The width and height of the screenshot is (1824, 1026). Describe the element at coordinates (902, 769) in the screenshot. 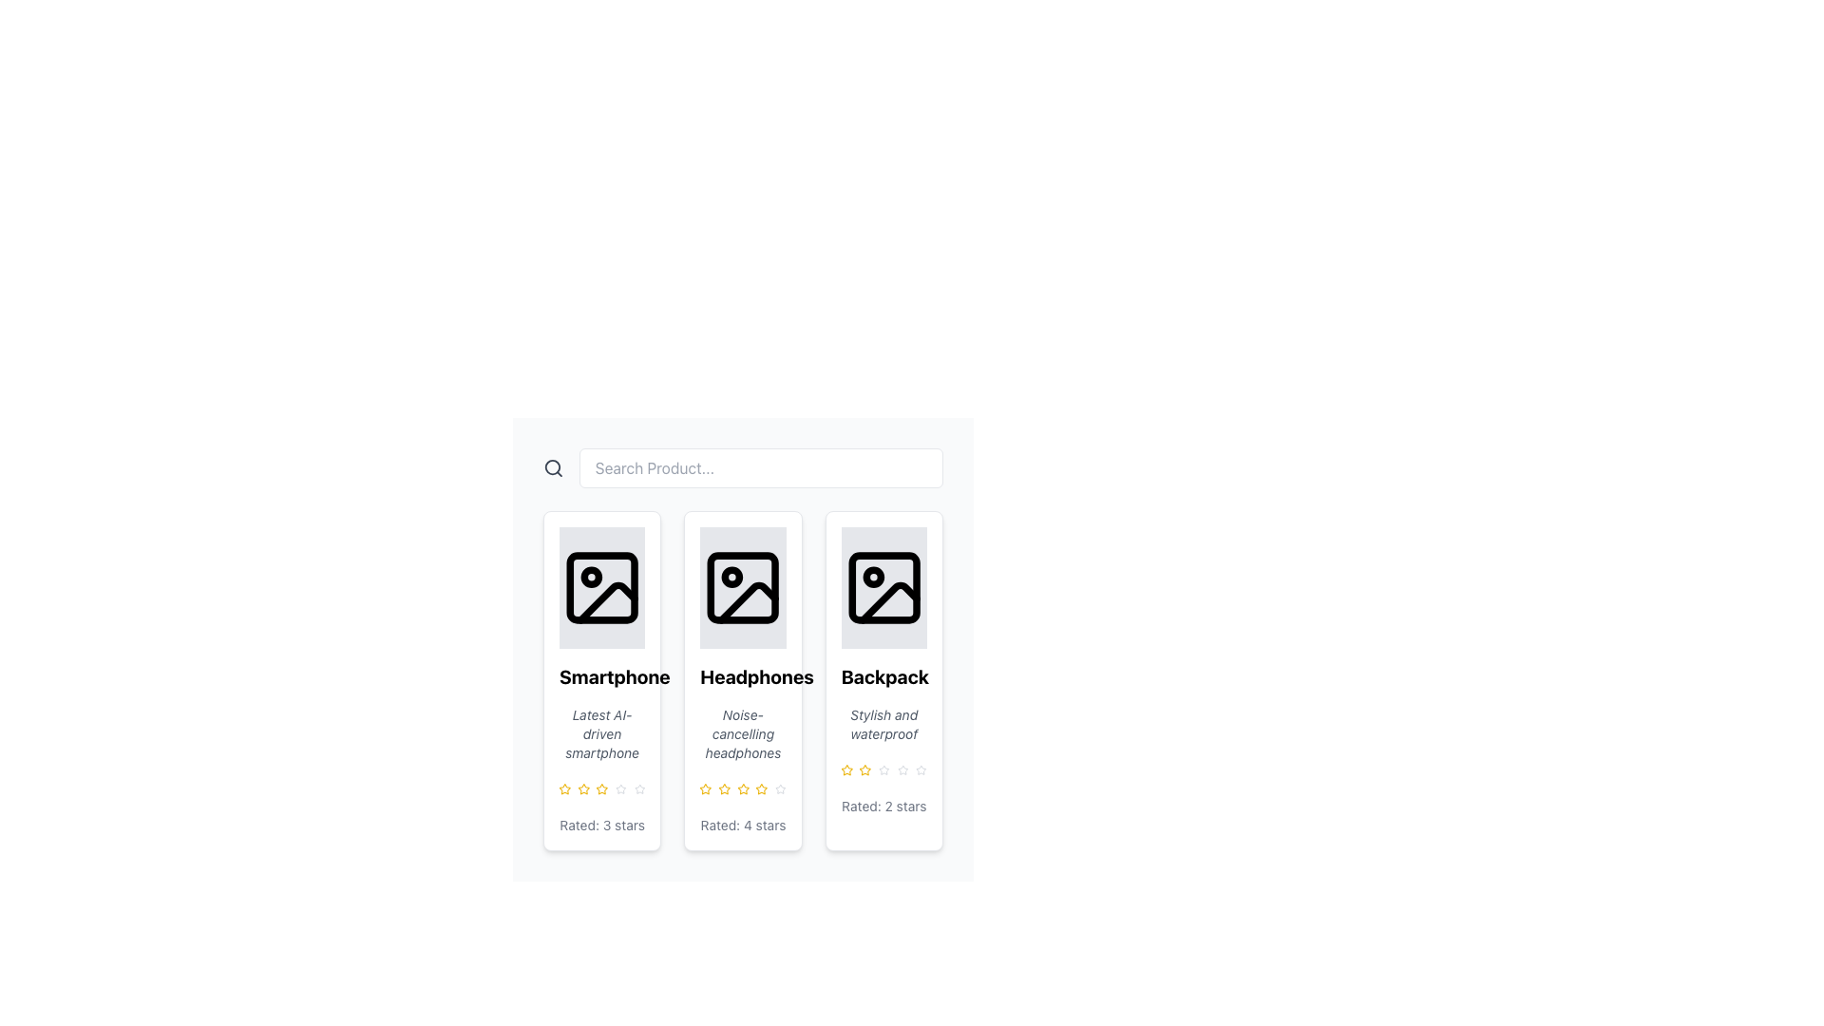

I see `the fourth star in the rating system beneath the 'Backpack' product card to evaluate the rating` at that location.